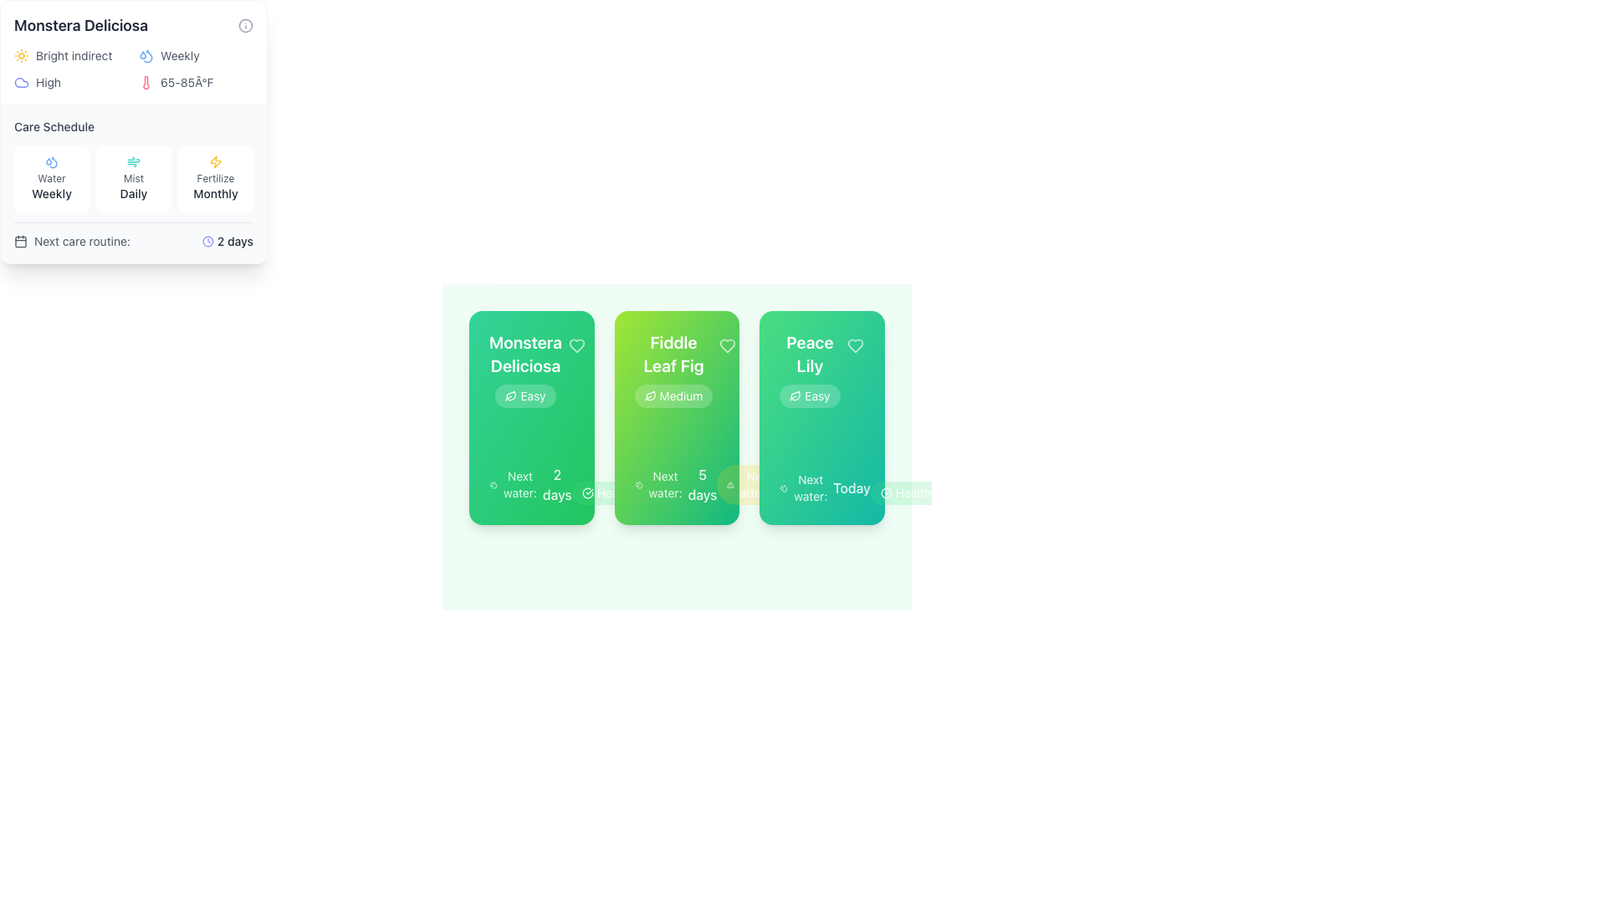 The width and height of the screenshot is (1606, 903). What do you see at coordinates (673, 369) in the screenshot?
I see `the text display element featuring 'Fiddle Leaf Fig' in bold white font and a green badge with 'Medium' text, located at the center of a card in a series of three green cards` at bounding box center [673, 369].